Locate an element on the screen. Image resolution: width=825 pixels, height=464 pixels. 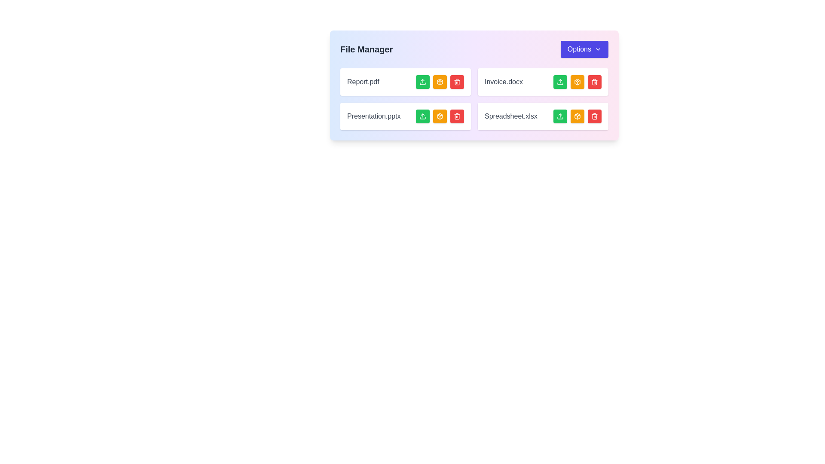
the archive icon button, which has a yellow background and represents a 3D package, located in the file manager interface alongside the 'Upload' and 'Delete' buttons for 'Report.pdf' is located at coordinates (440, 82).